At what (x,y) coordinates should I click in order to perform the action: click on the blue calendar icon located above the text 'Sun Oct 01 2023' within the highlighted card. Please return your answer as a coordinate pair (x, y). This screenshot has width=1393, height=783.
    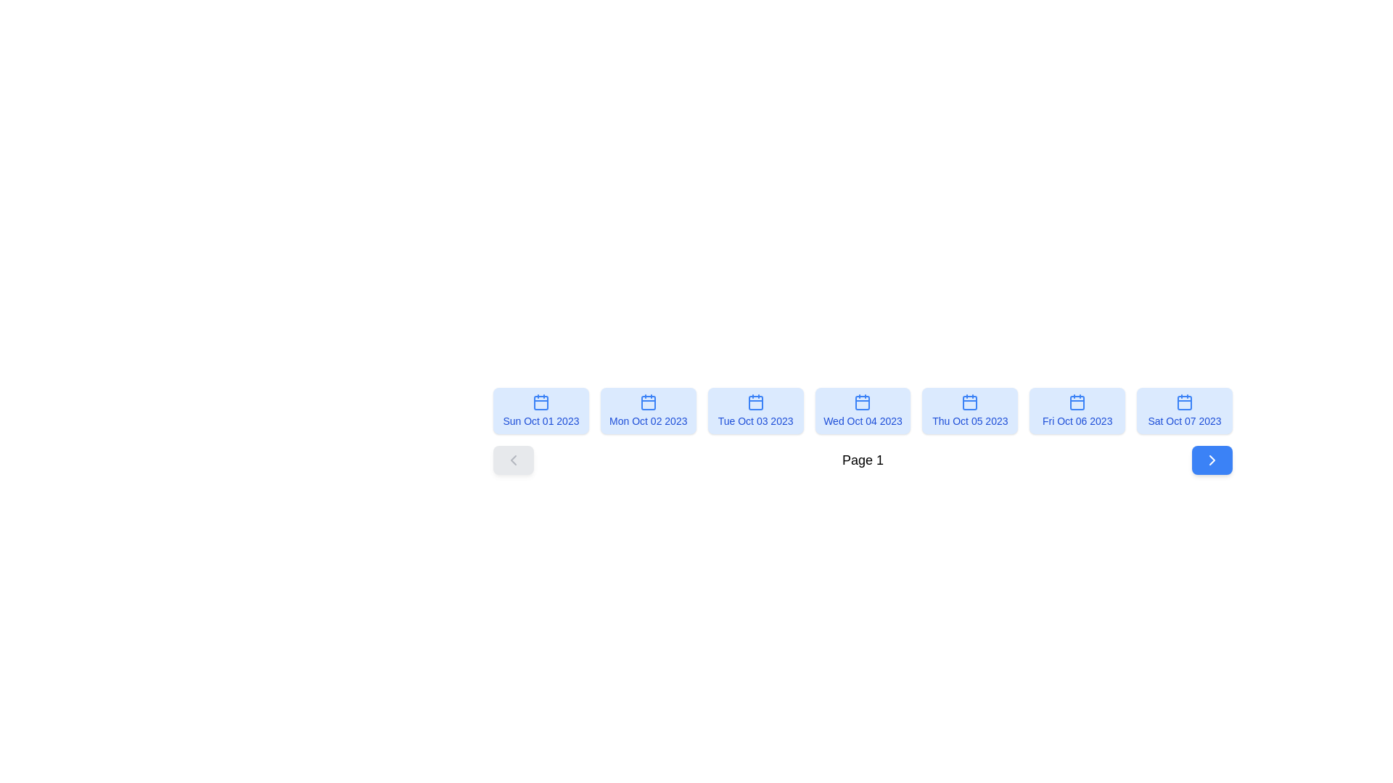
    Looking at the image, I should click on (540, 402).